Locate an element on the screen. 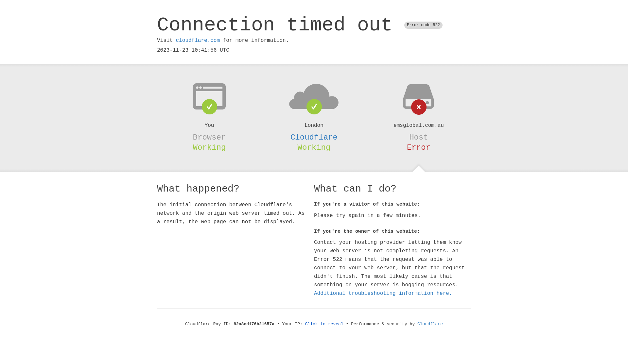  'Click to reveal' is located at coordinates (324, 324).